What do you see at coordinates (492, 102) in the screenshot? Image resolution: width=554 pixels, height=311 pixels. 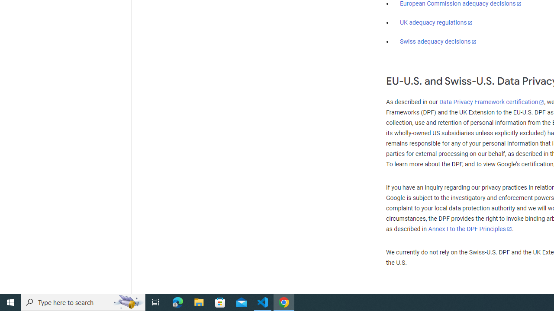 I see `'Data Privacy Framework certification'` at bounding box center [492, 102].